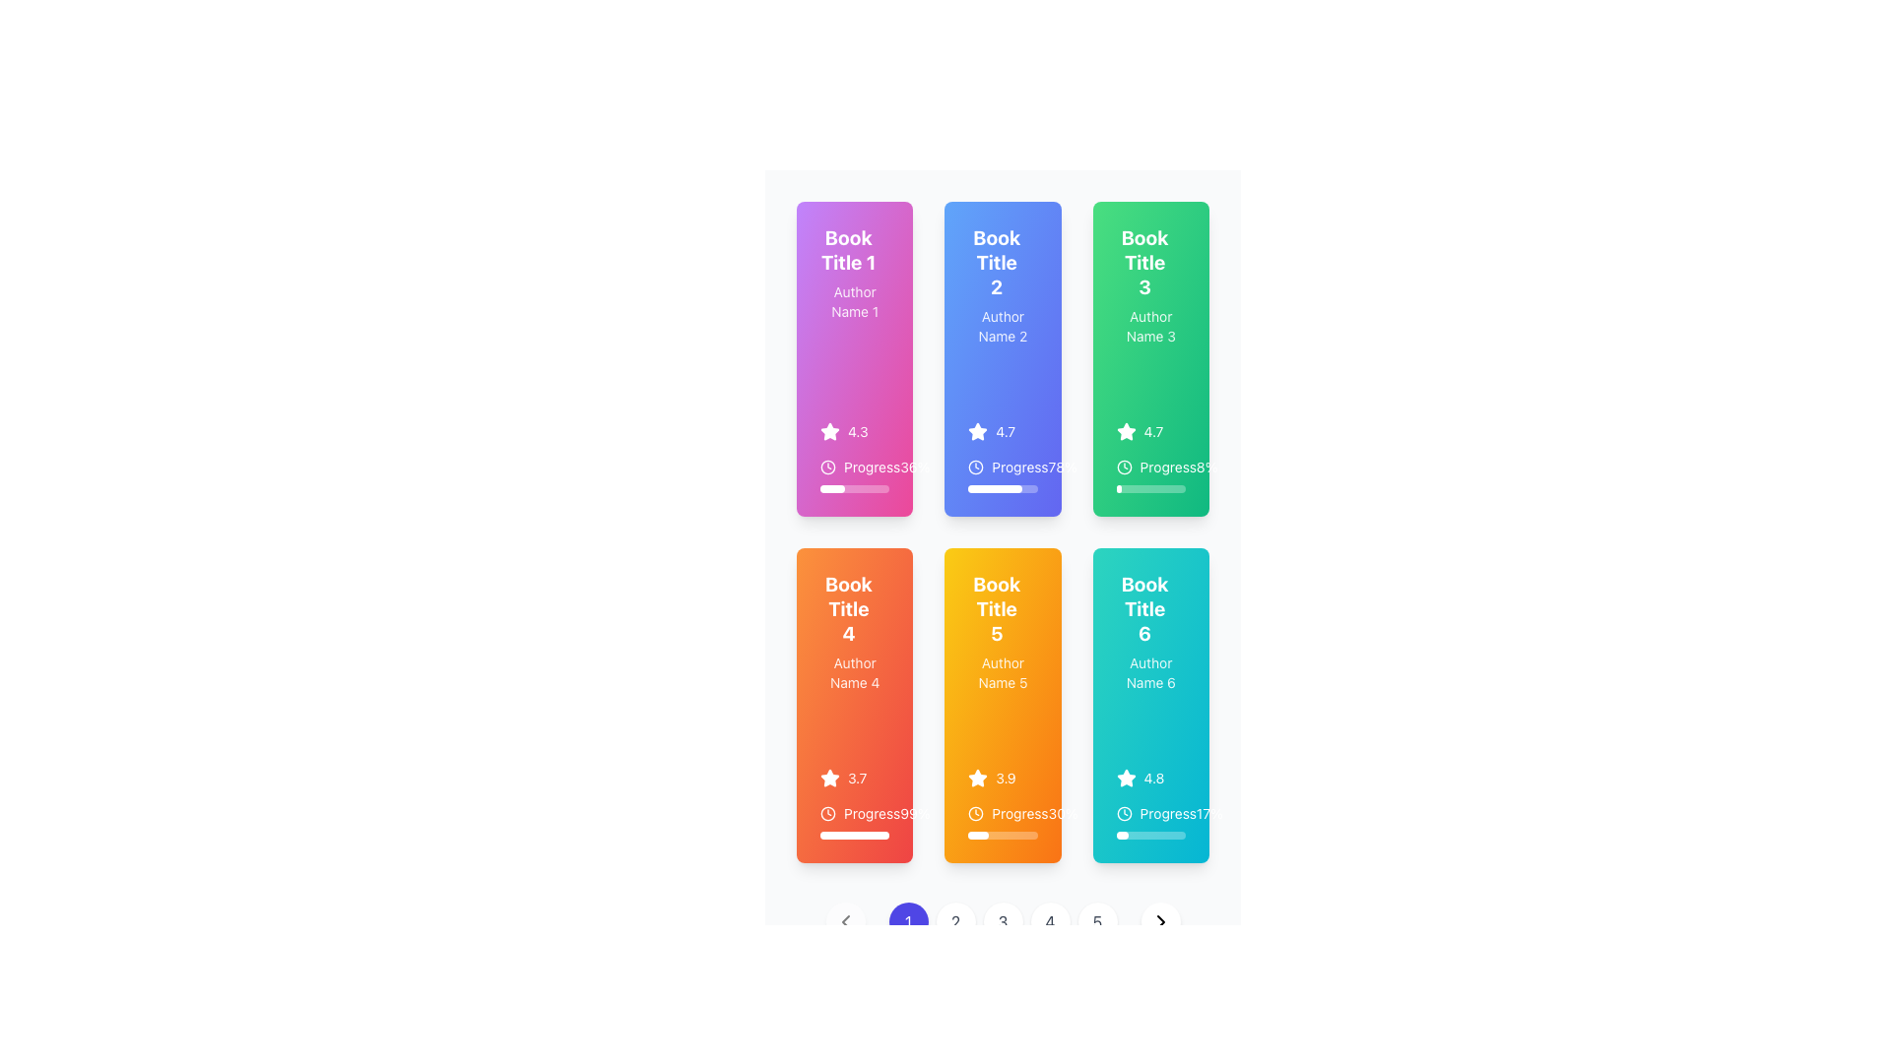 The width and height of the screenshot is (1891, 1063). What do you see at coordinates (1150, 705) in the screenshot?
I see `the last informational card in the grid layout` at bounding box center [1150, 705].